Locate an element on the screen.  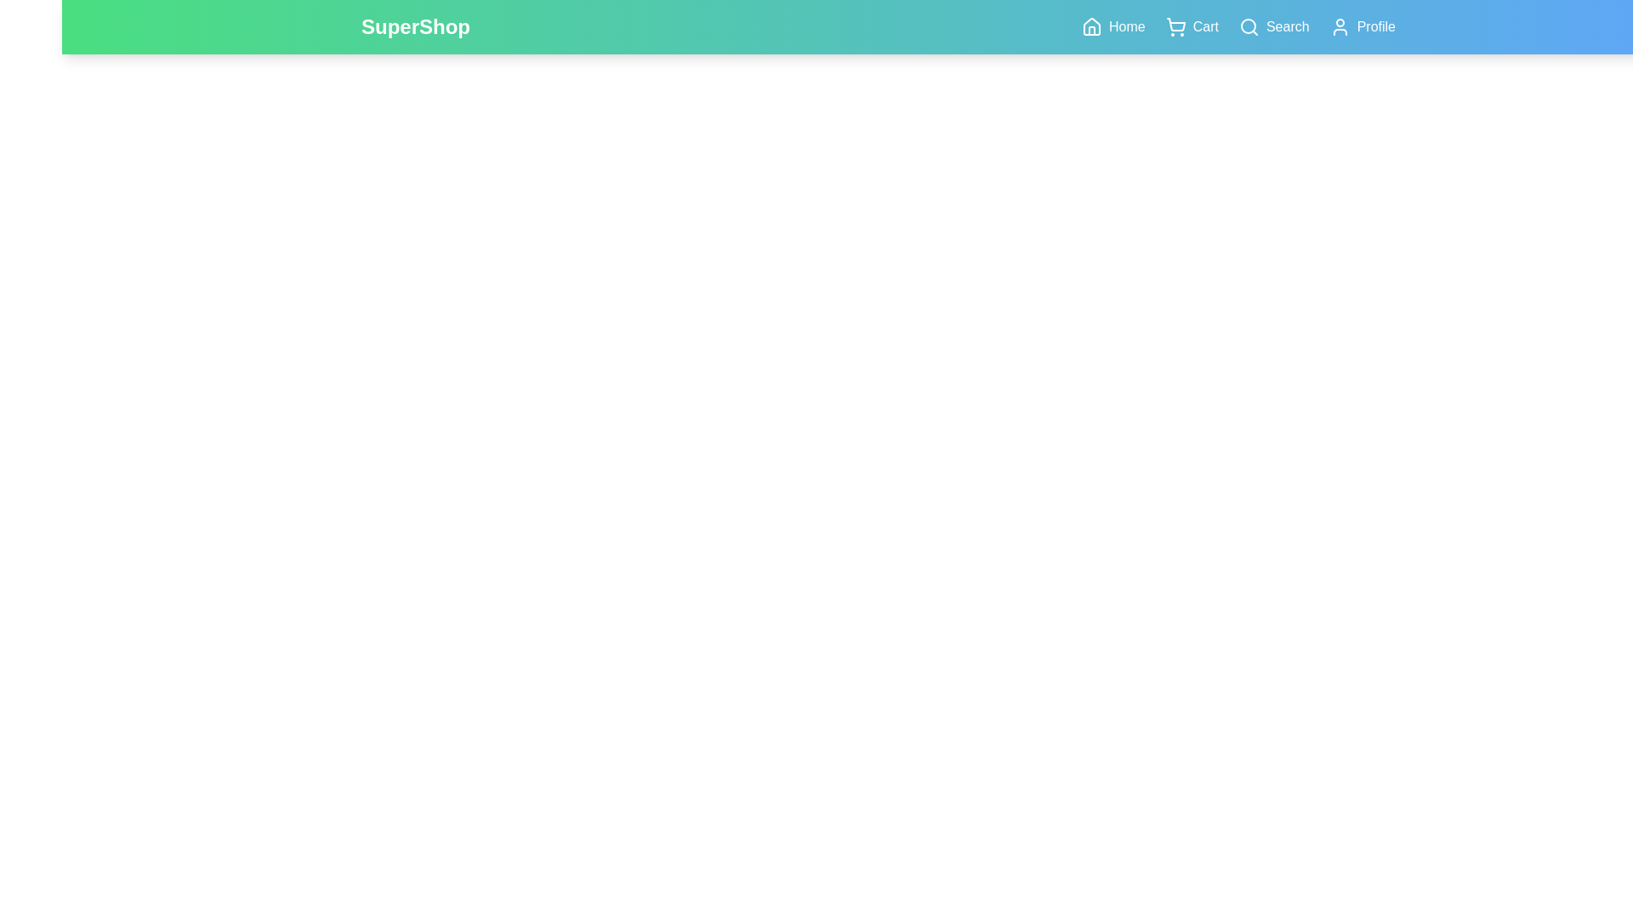
the 'Home' icon in the navigation bar is located at coordinates (1092, 26).